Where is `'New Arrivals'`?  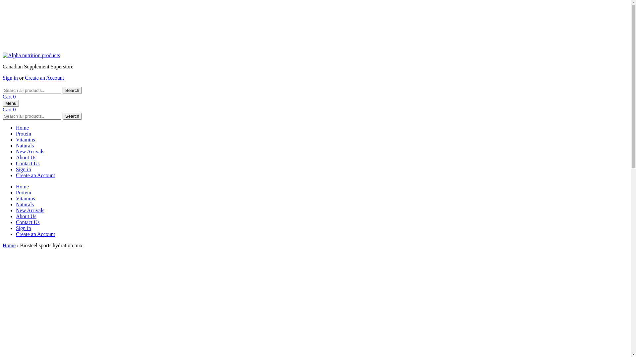 'New Arrivals' is located at coordinates (30, 210).